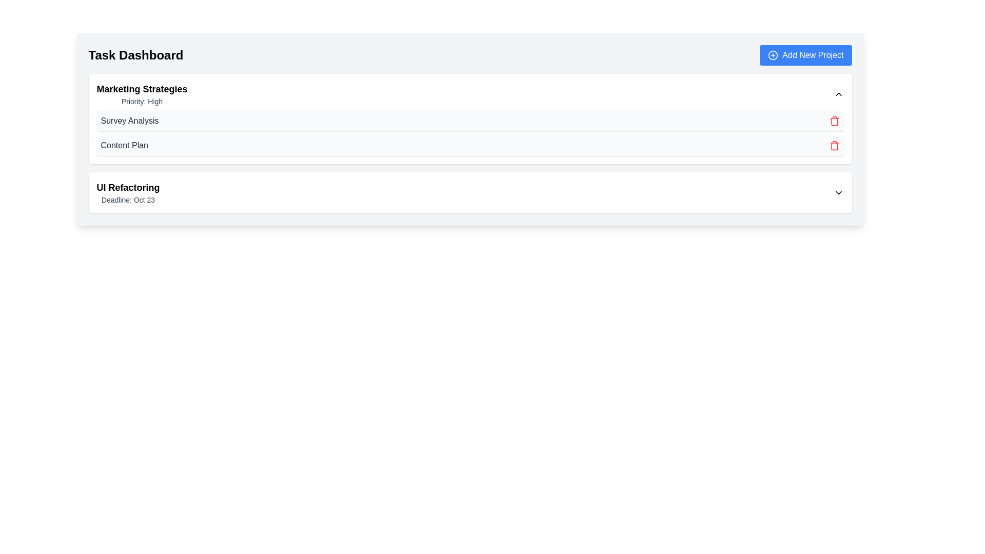  I want to click on the 'Add New Project' button with a blue background and white text located in the top-right corner of the Task Dashboard, so click(805, 55).